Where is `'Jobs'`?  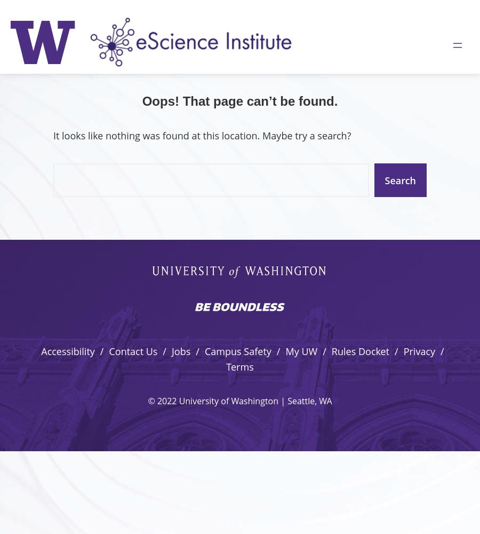
'Jobs' is located at coordinates (181, 351).